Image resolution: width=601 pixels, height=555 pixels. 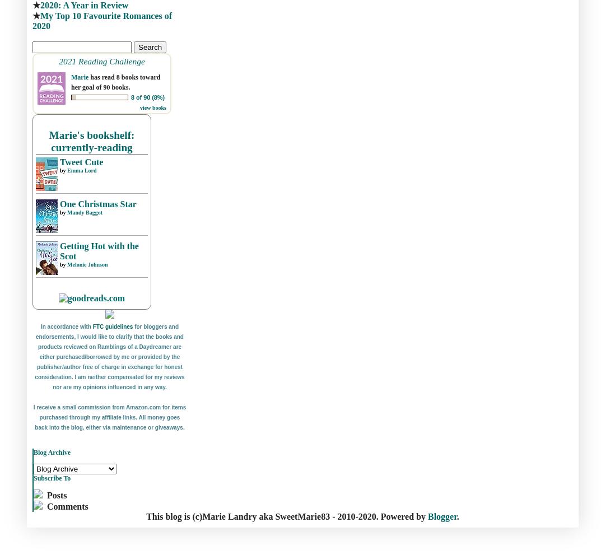 I want to click on '.', so click(x=457, y=516).